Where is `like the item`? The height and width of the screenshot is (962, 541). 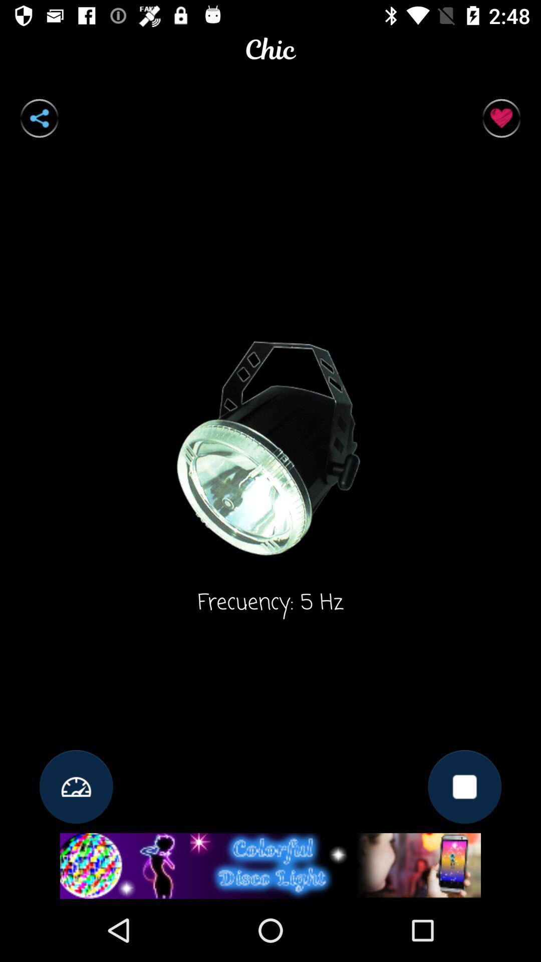
like the item is located at coordinates (501, 118).